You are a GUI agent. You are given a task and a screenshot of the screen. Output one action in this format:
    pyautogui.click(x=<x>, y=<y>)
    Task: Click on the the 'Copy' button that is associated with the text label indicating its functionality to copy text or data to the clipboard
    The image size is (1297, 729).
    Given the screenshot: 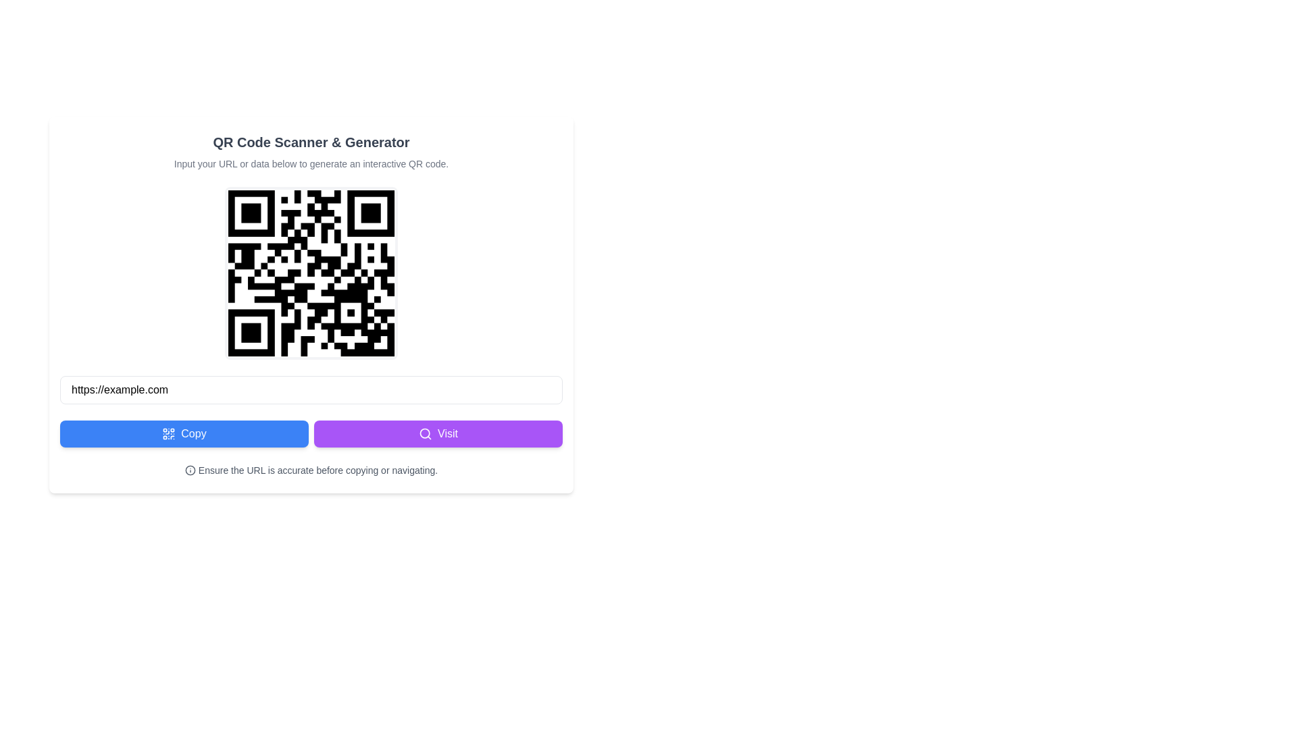 What is the action you would take?
    pyautogui.click(x=193, y=434)
    